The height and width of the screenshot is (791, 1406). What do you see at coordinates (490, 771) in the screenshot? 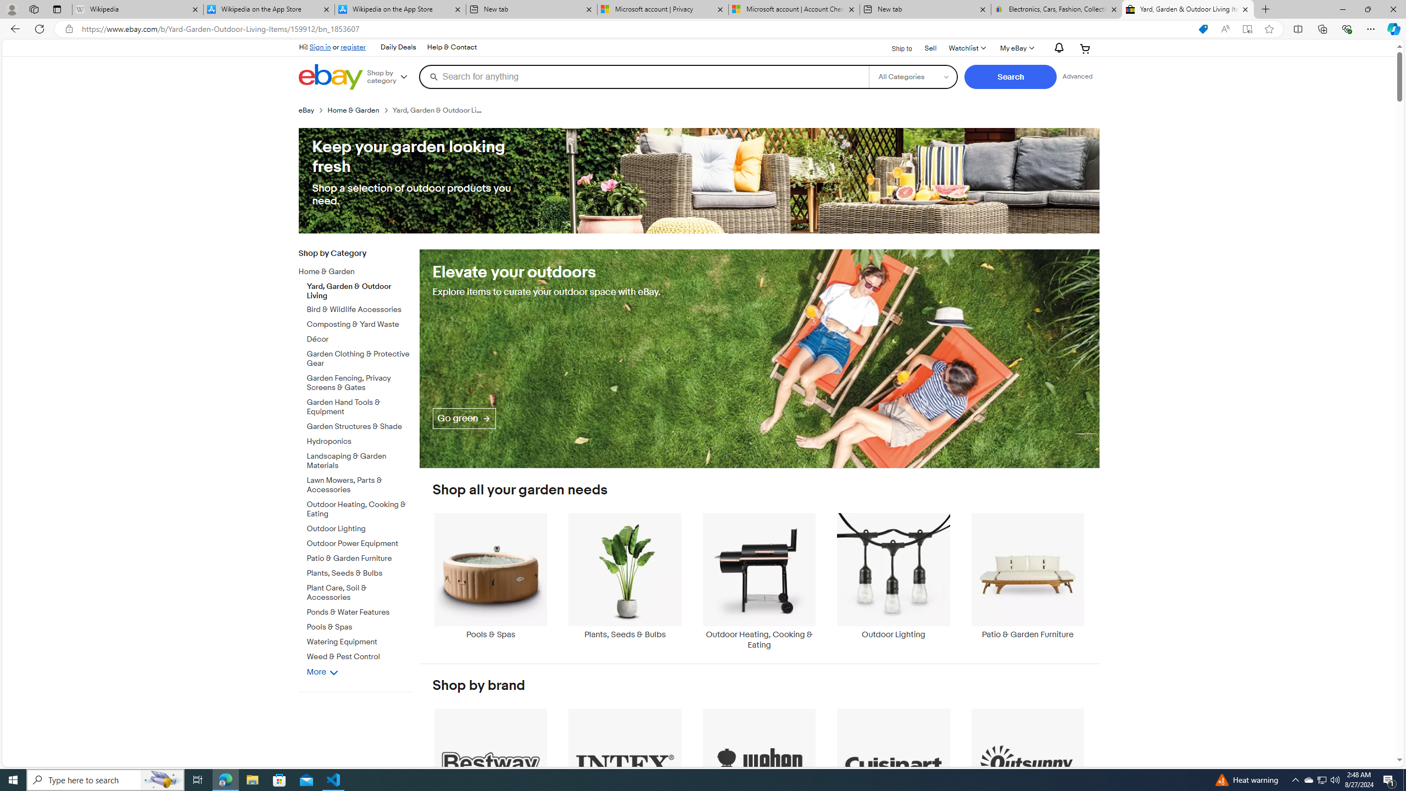
I see `'Bestway'` at bounding box center [490, 771].